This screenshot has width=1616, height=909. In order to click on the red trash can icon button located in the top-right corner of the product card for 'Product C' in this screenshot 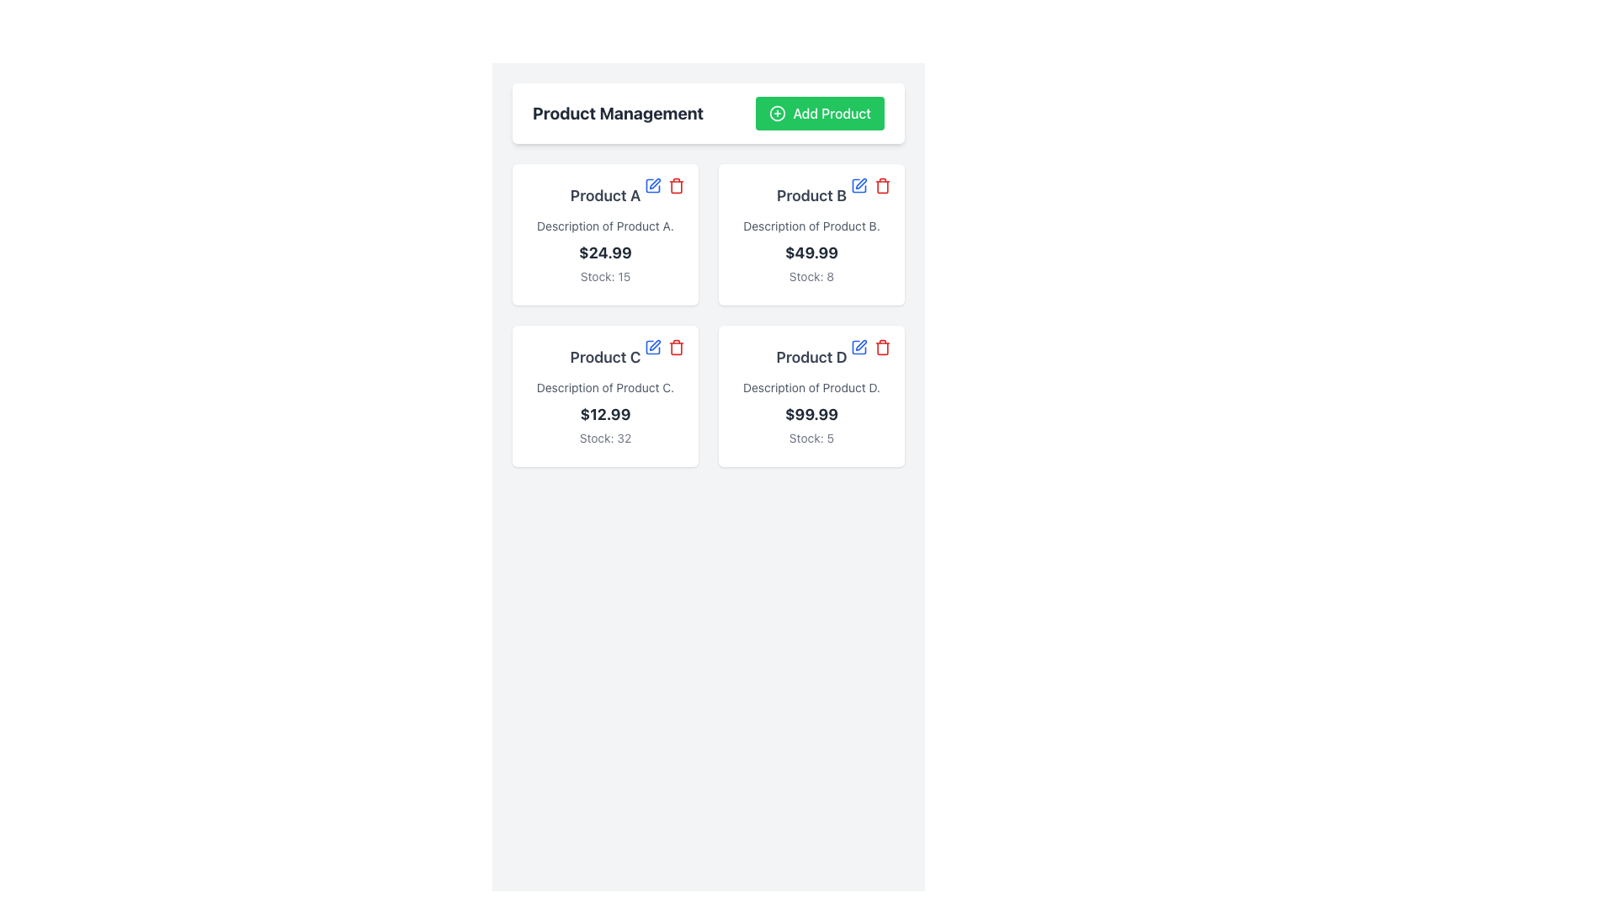, I will do `click(677, 346)`.